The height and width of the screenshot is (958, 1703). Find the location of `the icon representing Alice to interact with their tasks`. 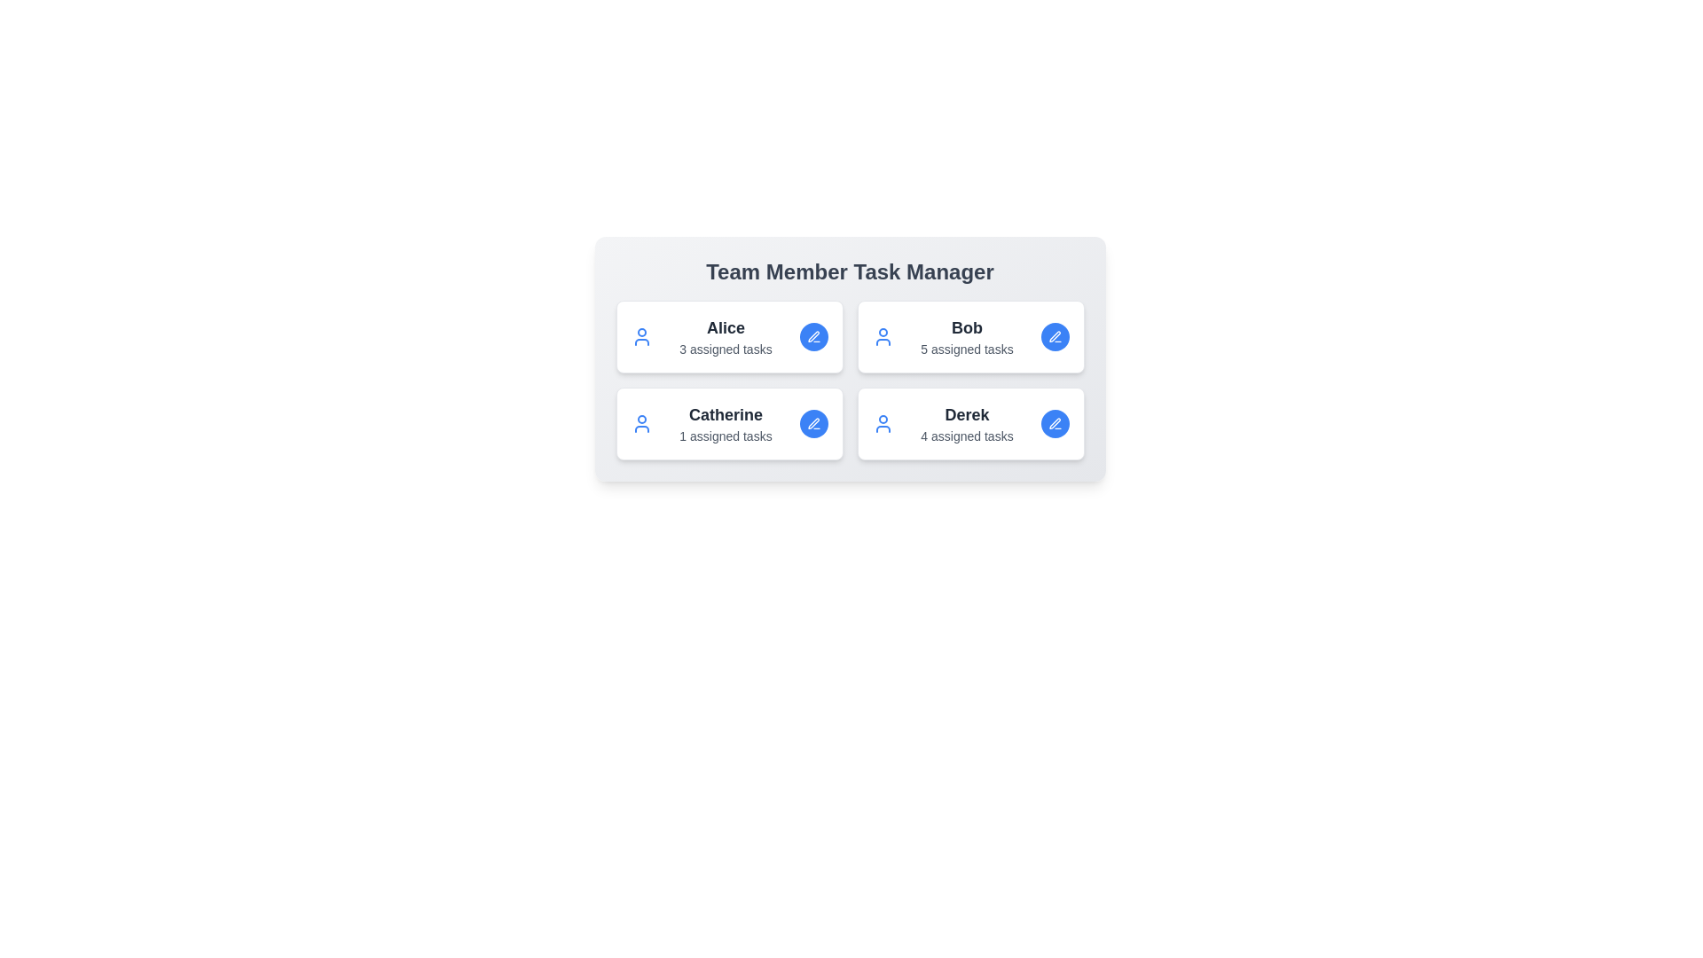

the icon representing Alice to interact with their tasks is located at coordinates (640, 337).